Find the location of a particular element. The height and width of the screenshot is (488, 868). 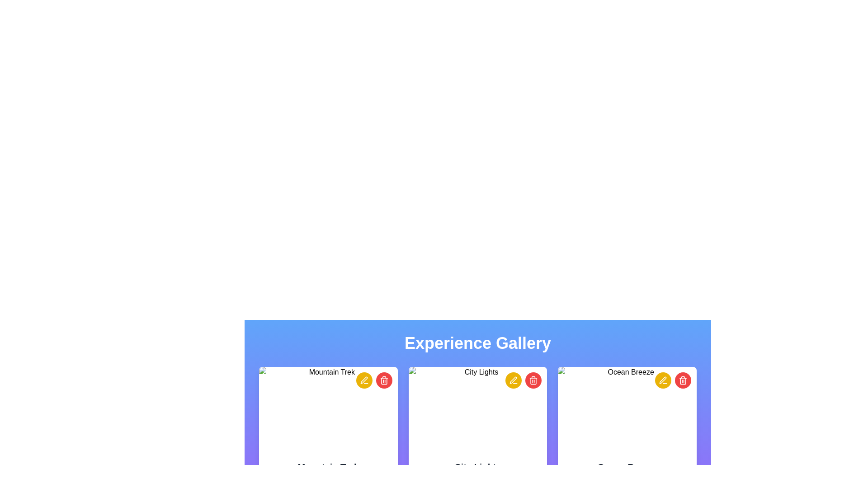

the delete button located at the top-right part of the card titled 'Ocean Breeze' is located at coordinates (683, 380).